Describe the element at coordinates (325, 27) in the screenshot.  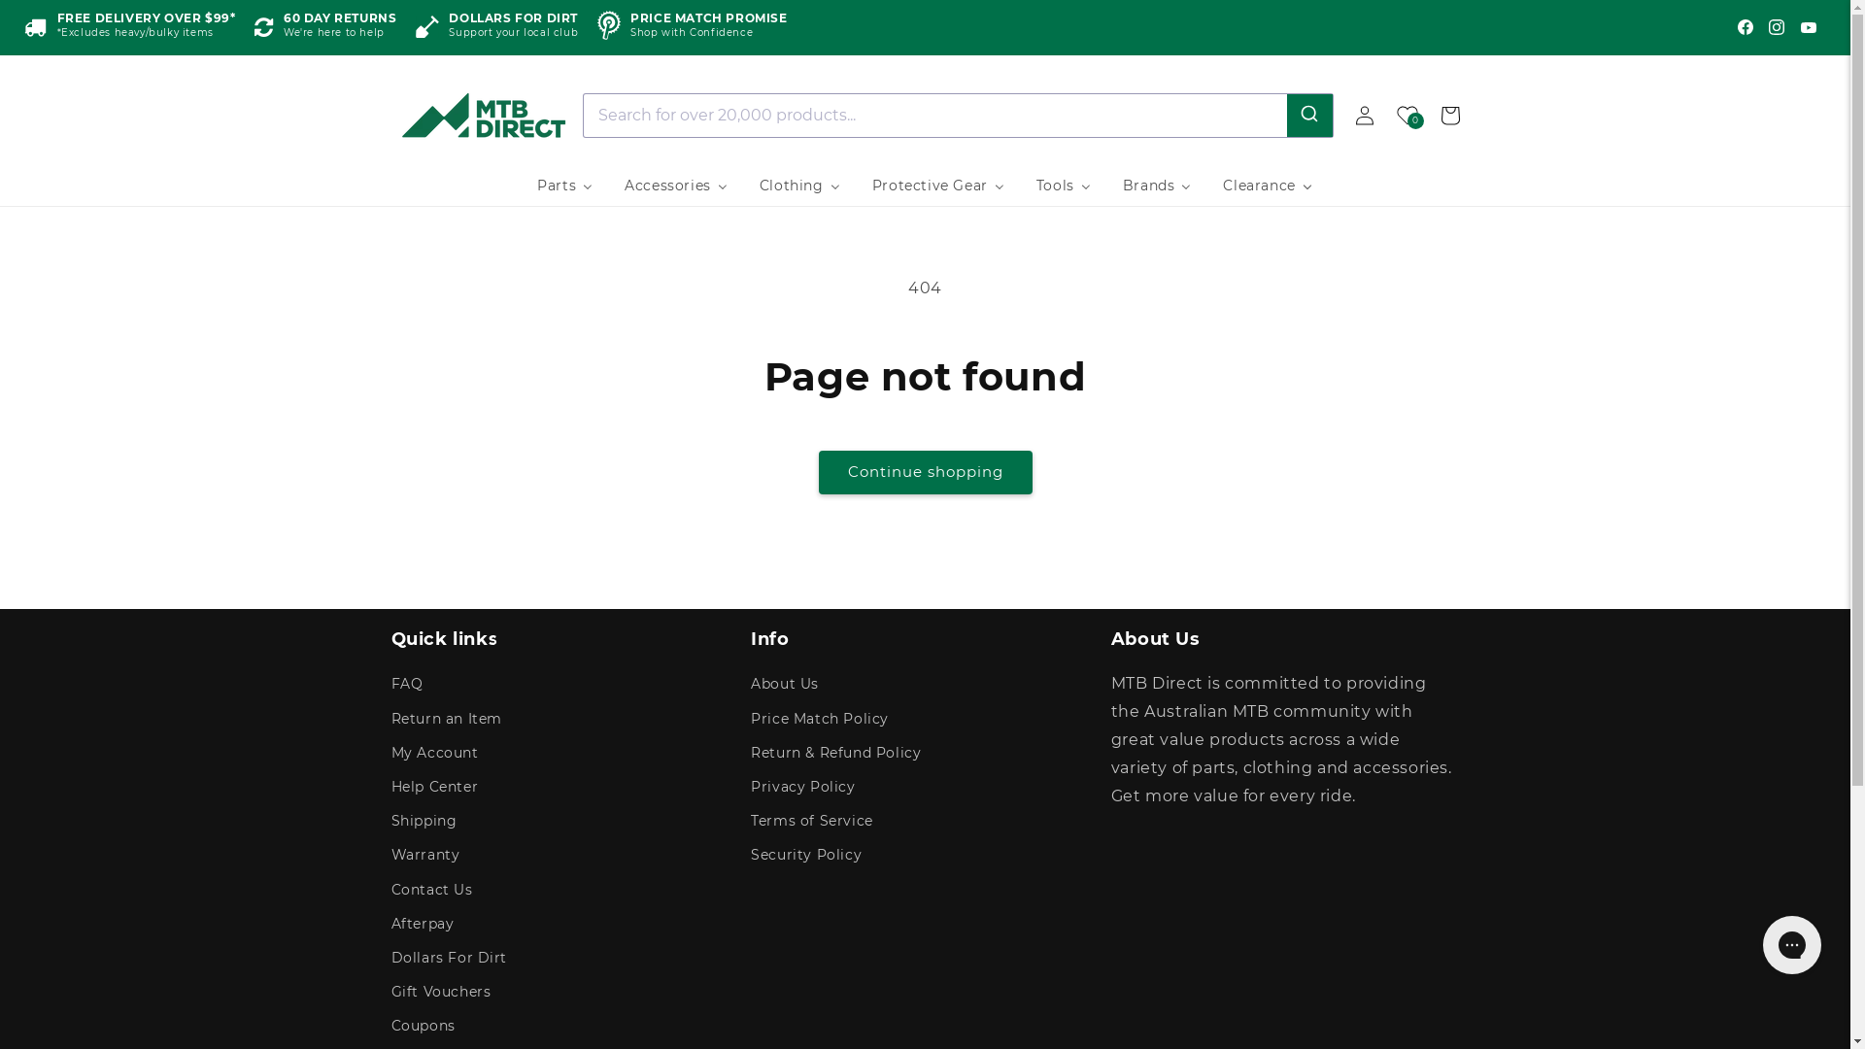
I see `'60 DAY RETURNS` at that location.